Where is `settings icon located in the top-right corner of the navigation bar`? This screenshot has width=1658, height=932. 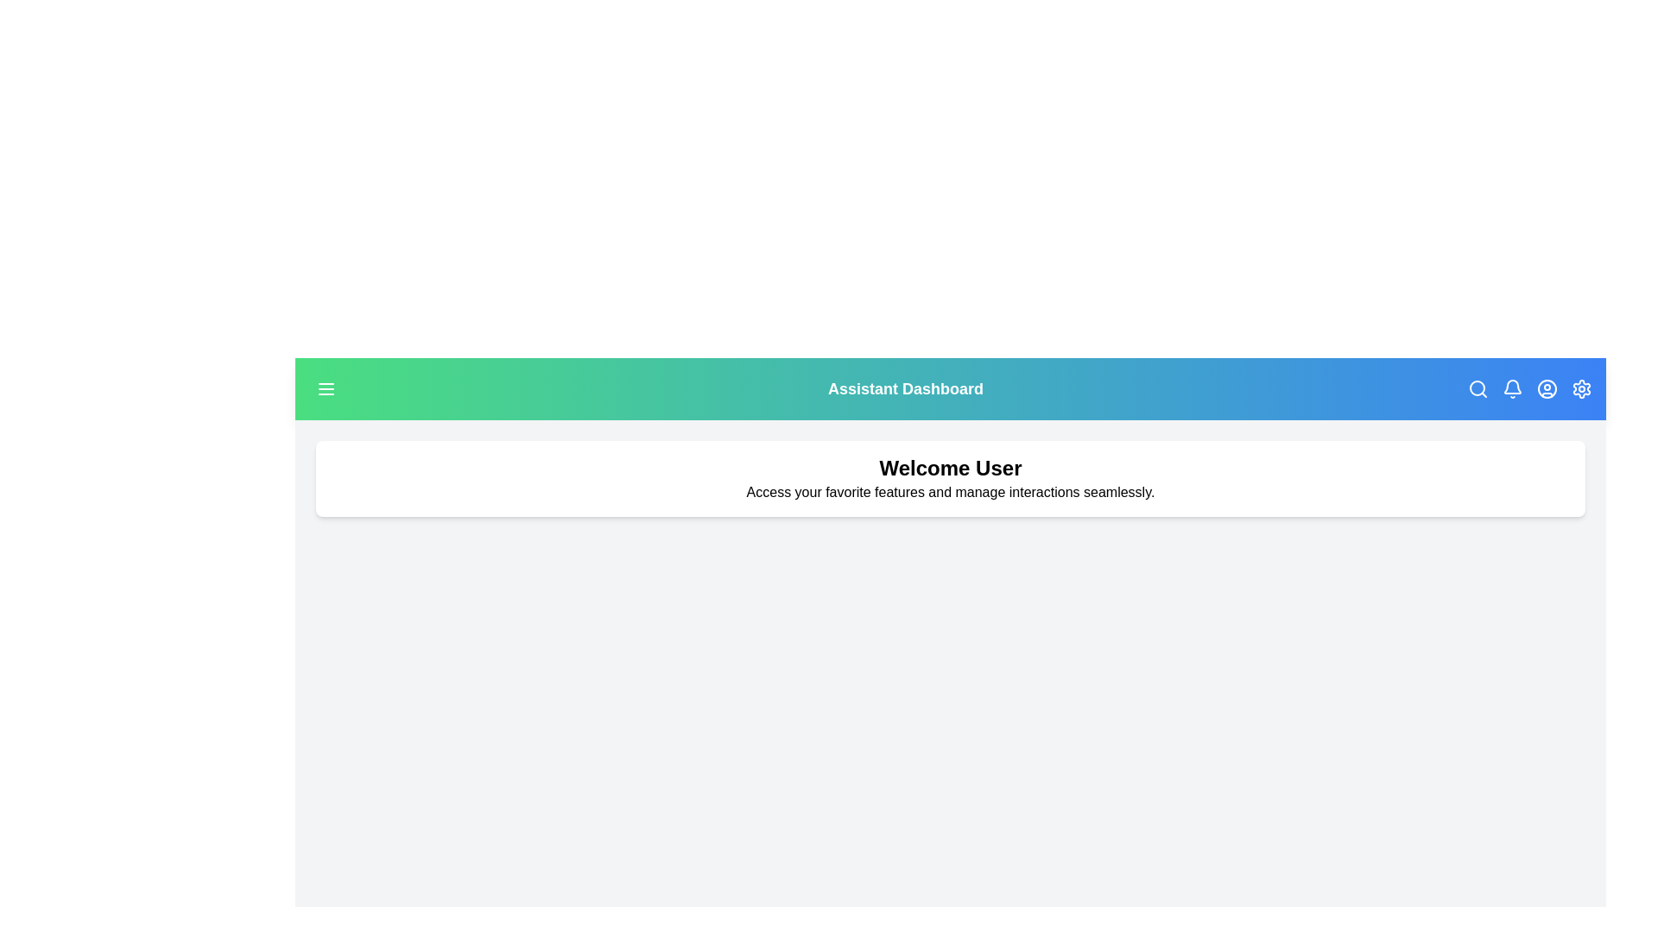 settings icon located in the top-right corner of the navigation bar is located at coordinates (1582, 389).